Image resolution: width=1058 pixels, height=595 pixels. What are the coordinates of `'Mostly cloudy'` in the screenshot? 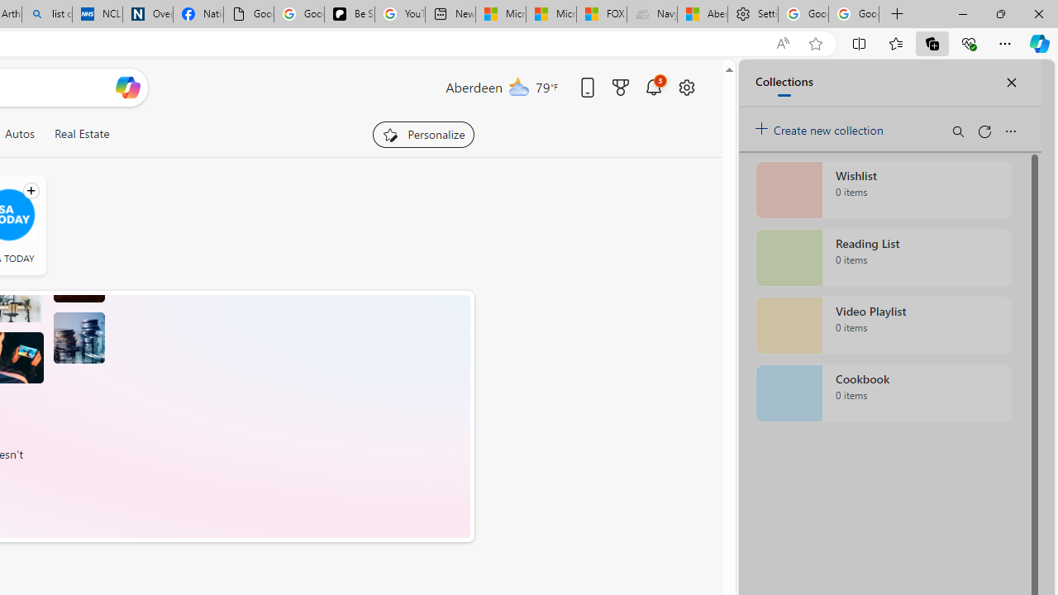 It's located at (518, 86).